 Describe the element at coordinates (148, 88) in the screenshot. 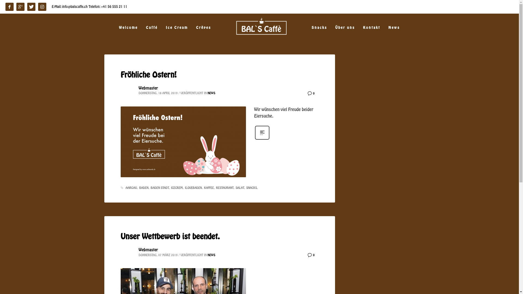

I see `'Webmaster'` at that location.